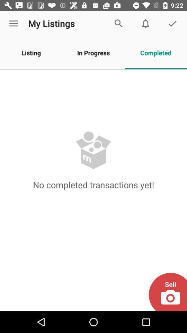 The width and height of the screenshot is (187, 333). Describe the element at coordinates (167, 291) in the screenshot. I see `the icon at the bottom right corner` at that location.